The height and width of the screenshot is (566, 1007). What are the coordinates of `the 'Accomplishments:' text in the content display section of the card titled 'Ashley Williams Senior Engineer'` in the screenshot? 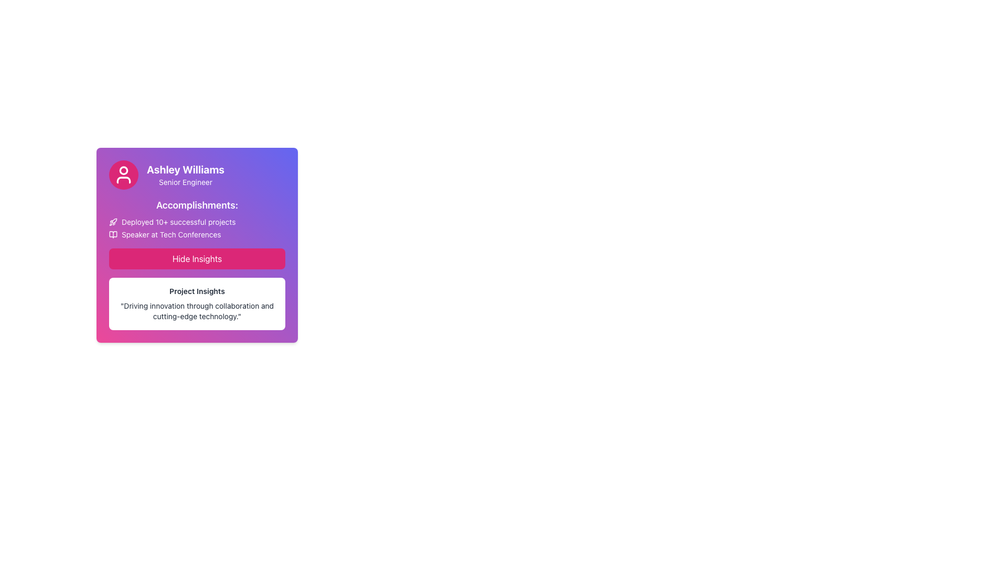 It's located at (197, 218).